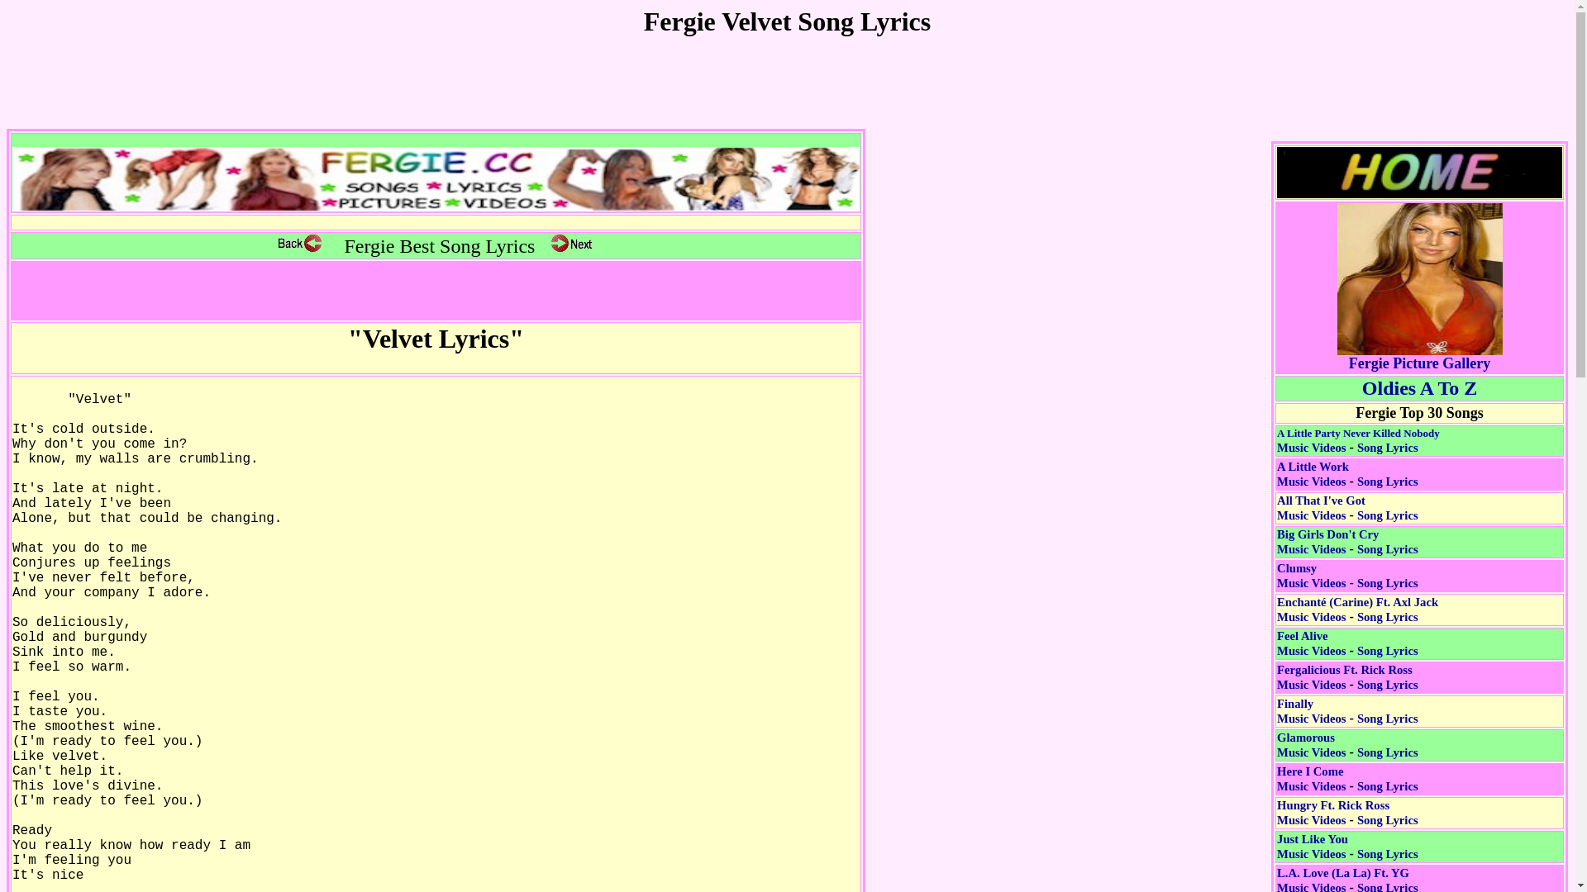 This screenshot has height=892, width=1587. I want to click on 'Fergalicious Ft. Rick Ross, so click(1345, 677).